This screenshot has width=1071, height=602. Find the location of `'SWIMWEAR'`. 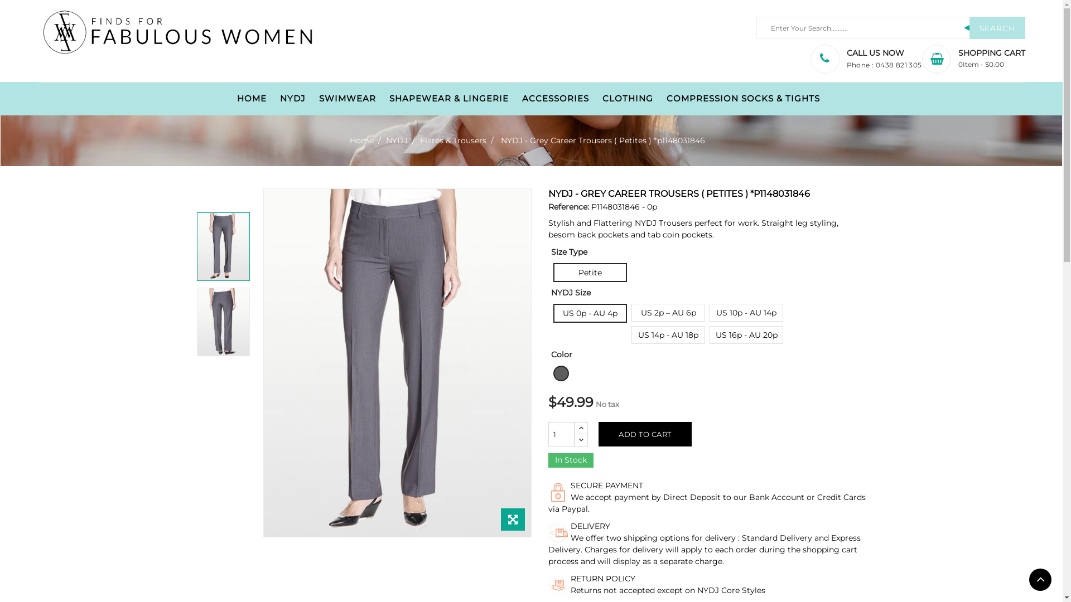

'SWIMWEAR' is located at coordinates (347, 98).